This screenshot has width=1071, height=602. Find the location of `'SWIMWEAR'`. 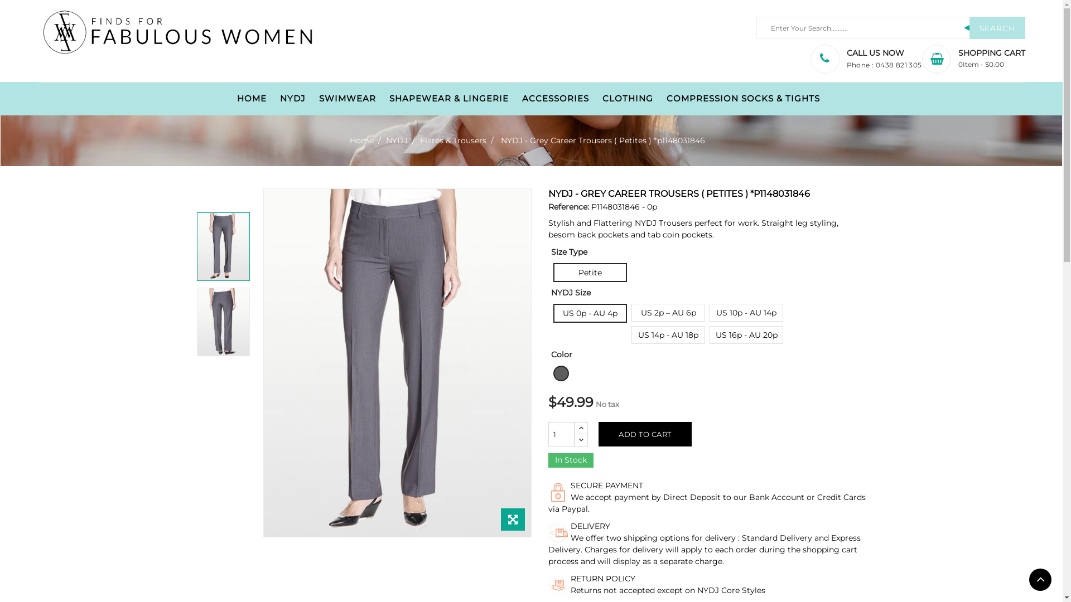

'SWIMWEAR' is located at coordinates (347, 98).